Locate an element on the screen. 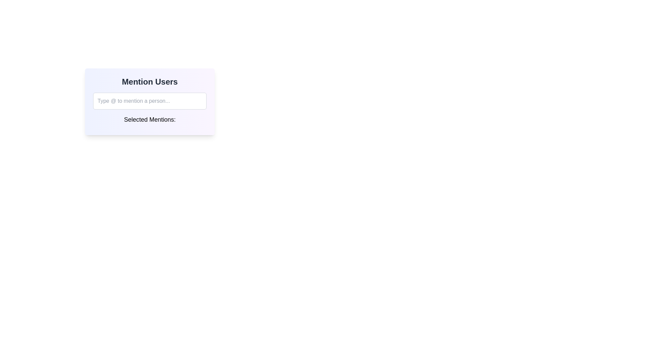  the textbox within the Interactive Panel to focus it for user input is located at coordinates (150, 101).